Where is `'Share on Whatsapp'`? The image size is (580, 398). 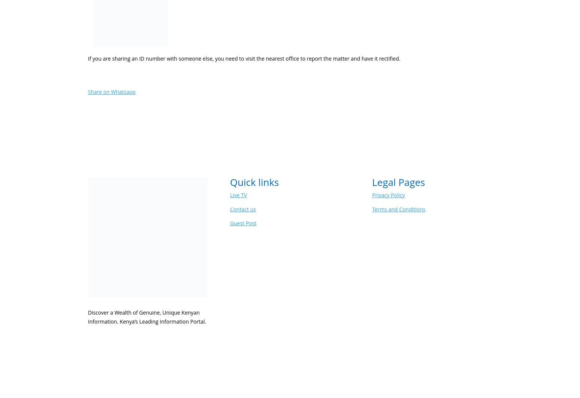 'Share on Whatsapp' is located at coordinates (112, 92).